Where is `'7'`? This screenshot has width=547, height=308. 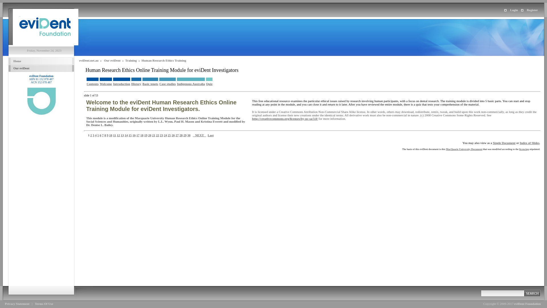 '7' is located at coordinates (103, 135).